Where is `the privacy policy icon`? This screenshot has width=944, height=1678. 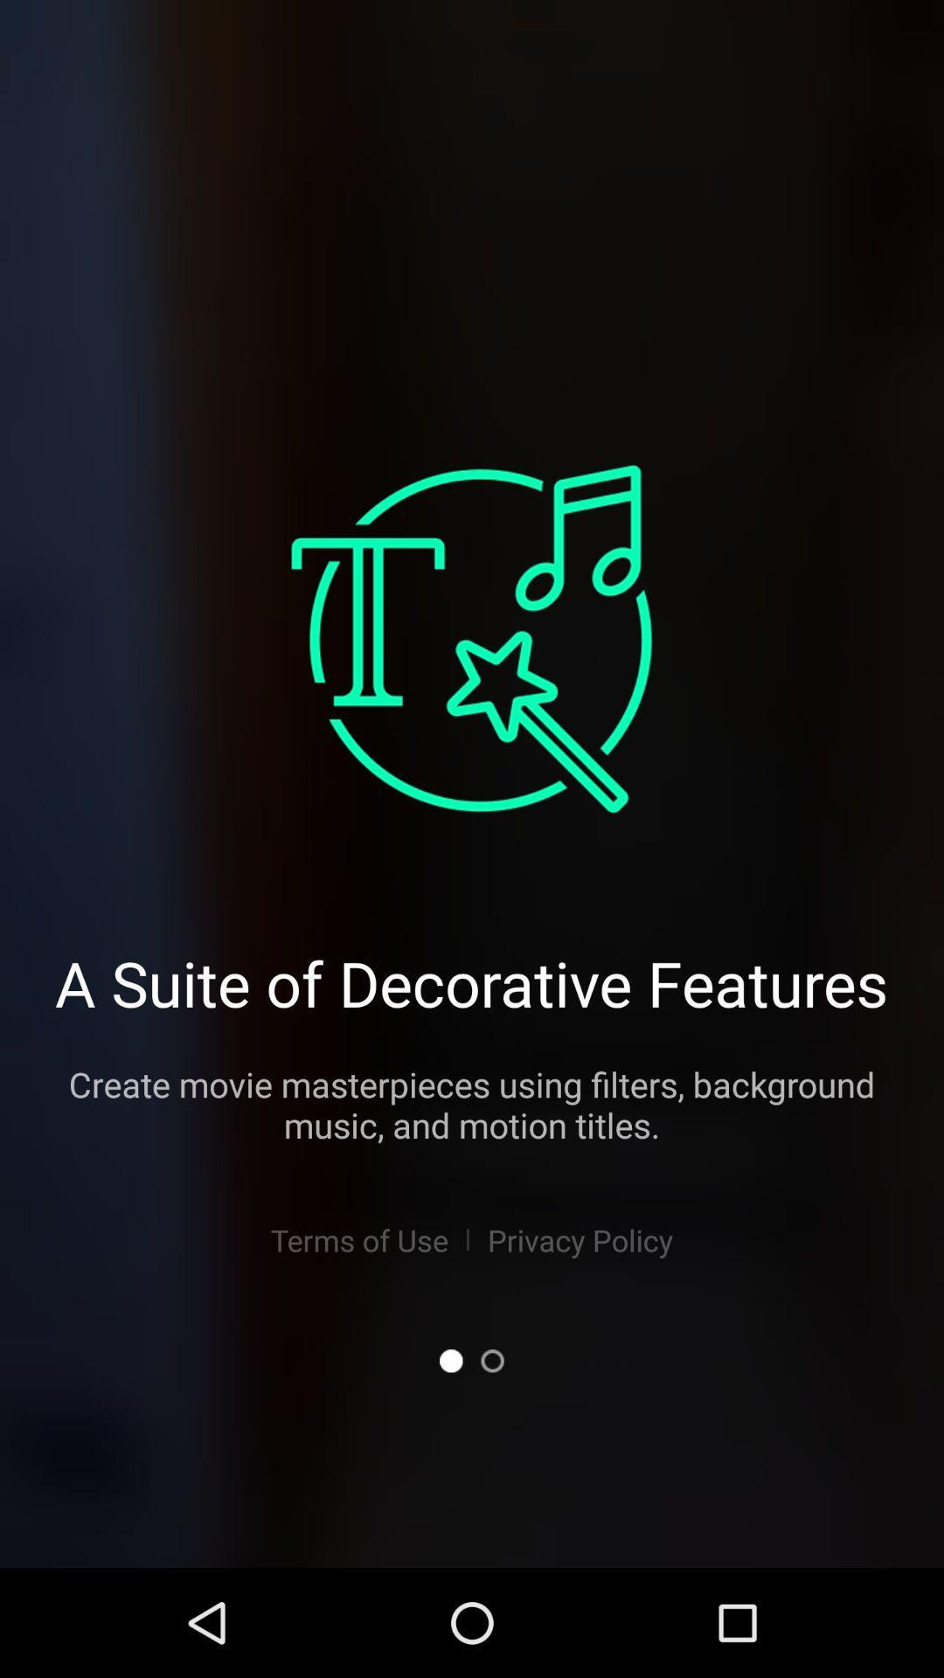
the privacy policy icon is located at coordinates (580, 1239).